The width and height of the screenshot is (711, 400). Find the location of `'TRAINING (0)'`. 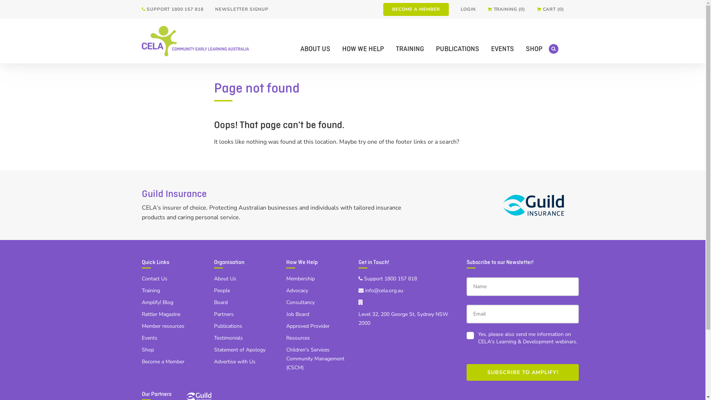

'TRAINING (0)' is located at coordinates (506, 9).